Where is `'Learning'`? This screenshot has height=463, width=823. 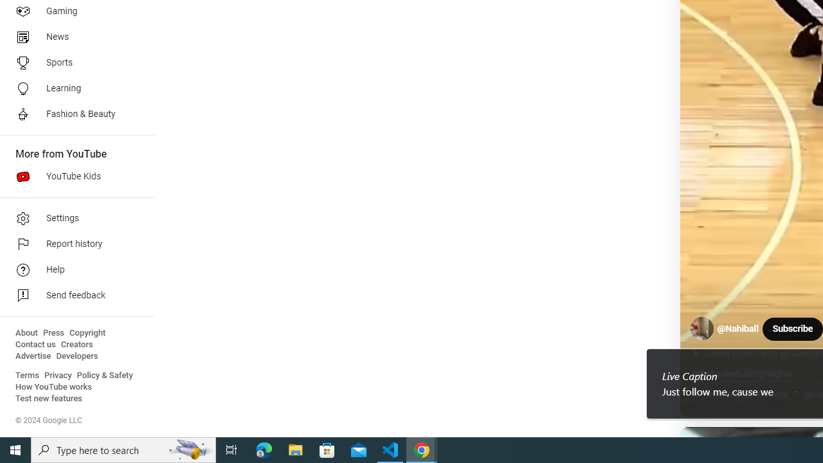
'Learning' is located at coordinates (72, 87).